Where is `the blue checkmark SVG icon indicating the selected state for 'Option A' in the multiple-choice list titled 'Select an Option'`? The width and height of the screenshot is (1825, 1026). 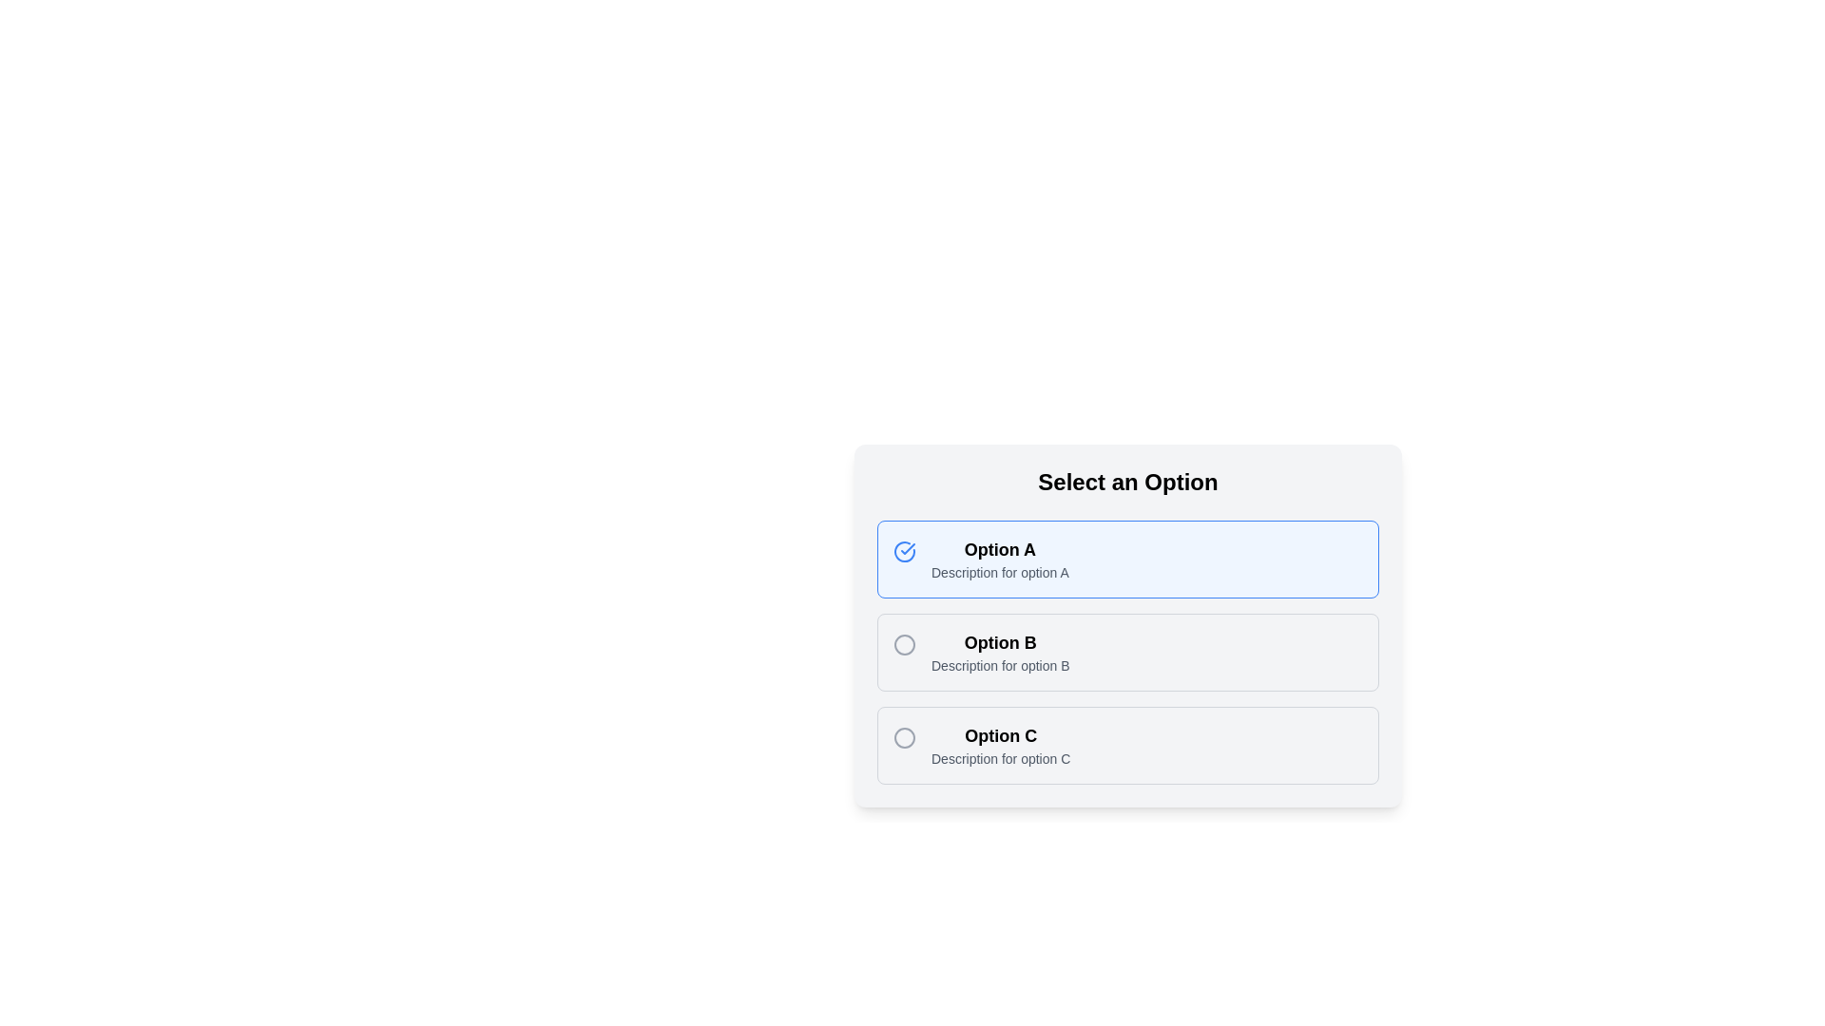 the blue checkmark SVG icon indicating the selected state for 'Option A' in the multiple-choice list titled 'Select an Option' is located at coordinates (907, 549).